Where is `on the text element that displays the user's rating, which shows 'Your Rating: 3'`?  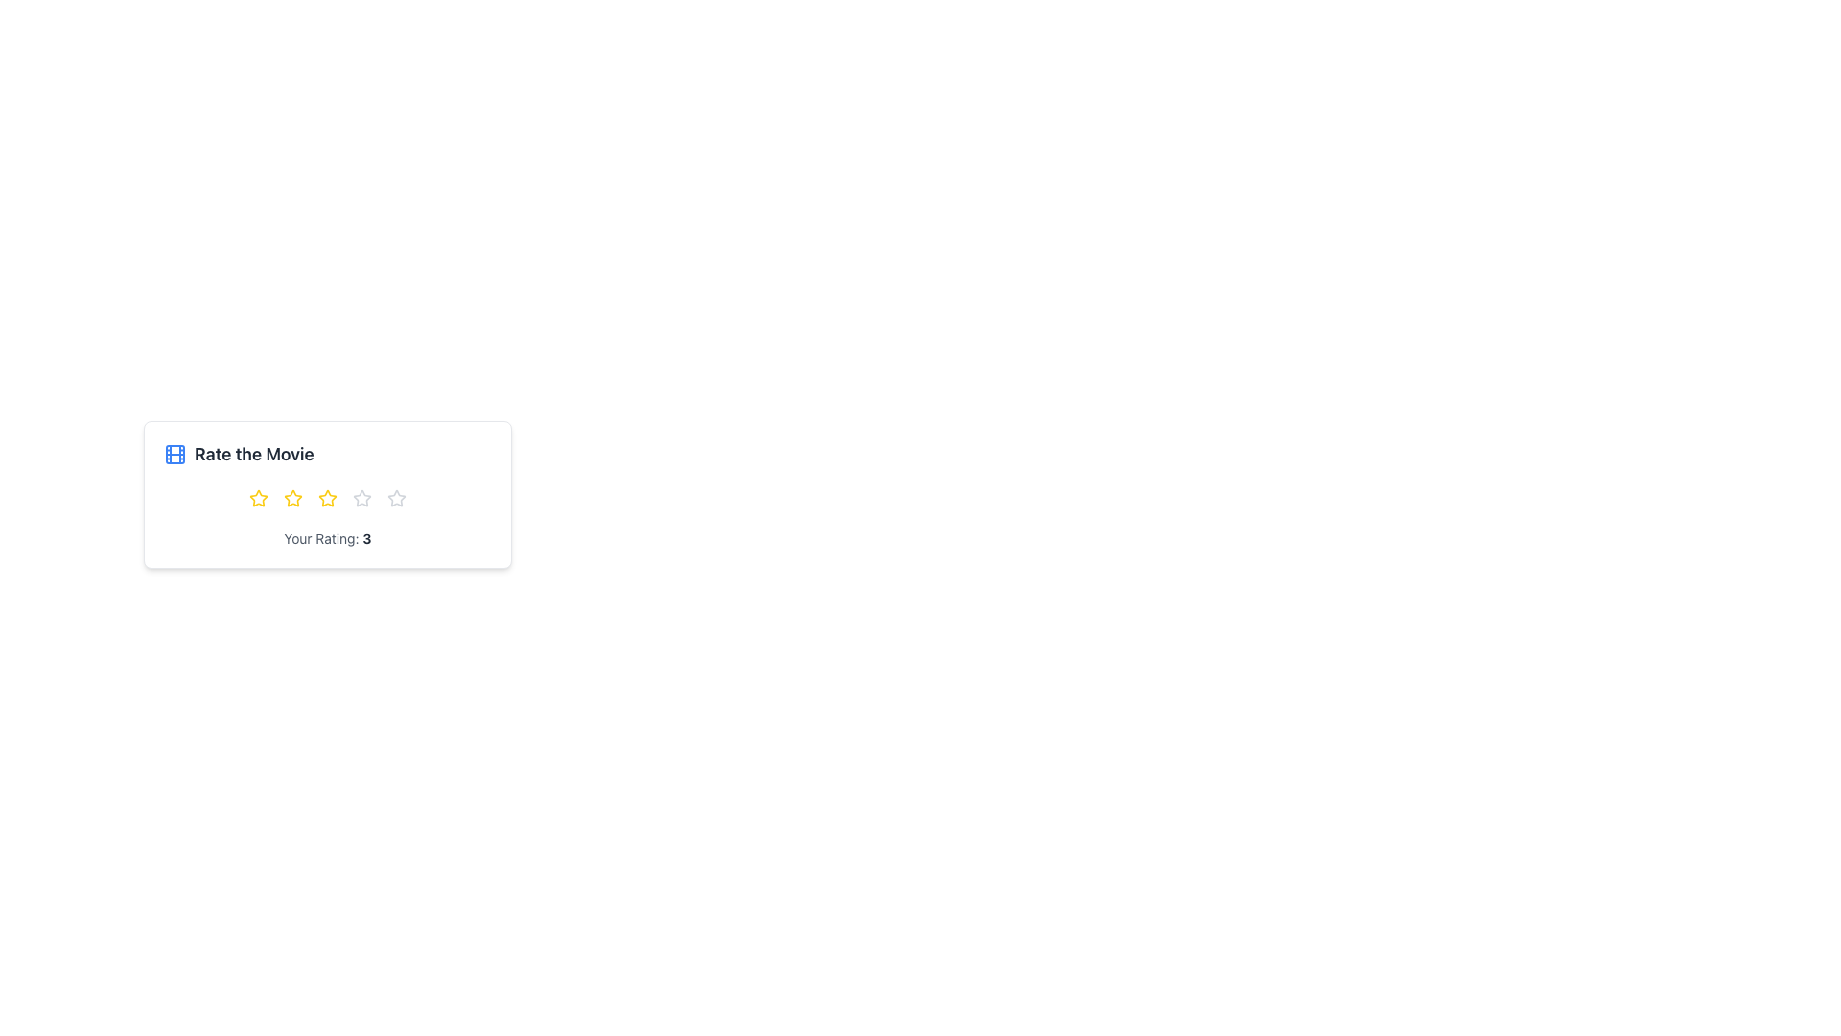
on the text element that displays the user's rating, which shows 'Your Rating: 3' is located at coordinates (367, 538).